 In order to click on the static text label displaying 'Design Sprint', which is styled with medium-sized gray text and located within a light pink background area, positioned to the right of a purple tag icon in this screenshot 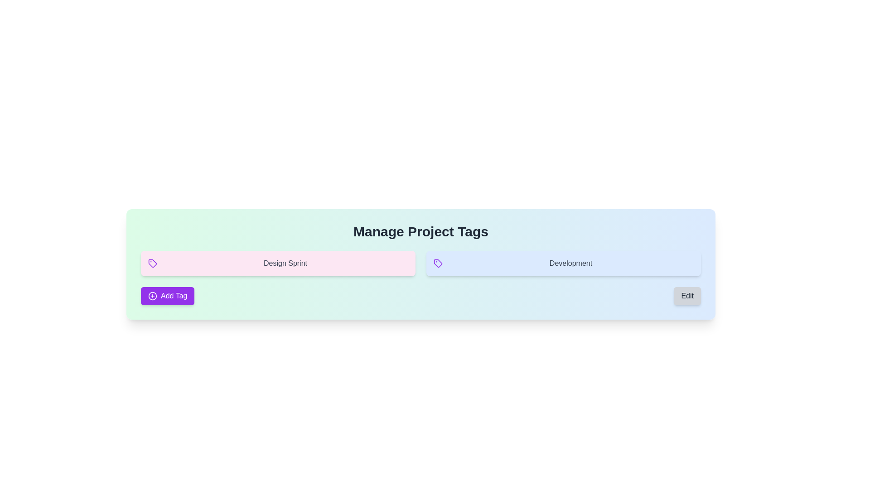, I will do `click(285, 264)`.